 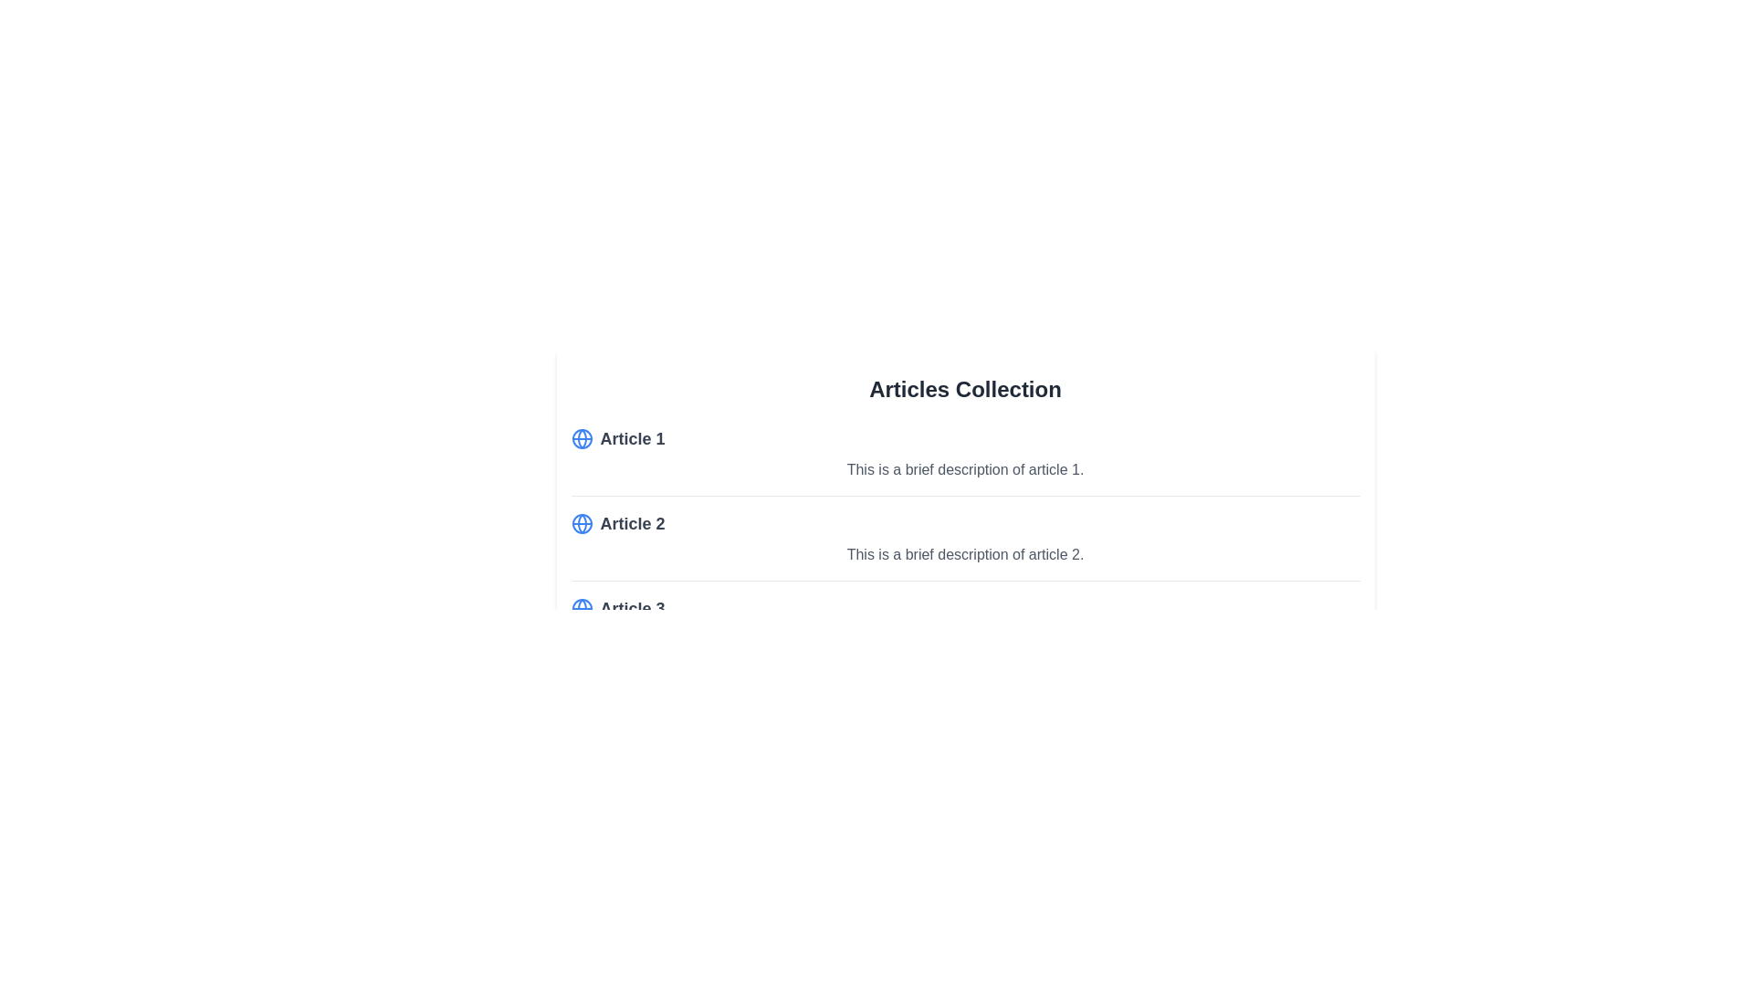 What do you see at coordinates (581, 524) in the screenshot?
I see `the globe icon with a circular outline and intersecting lines, styled in blue, located beside the text 'Article 2' in the structured list` at bounding box center [581, 524].